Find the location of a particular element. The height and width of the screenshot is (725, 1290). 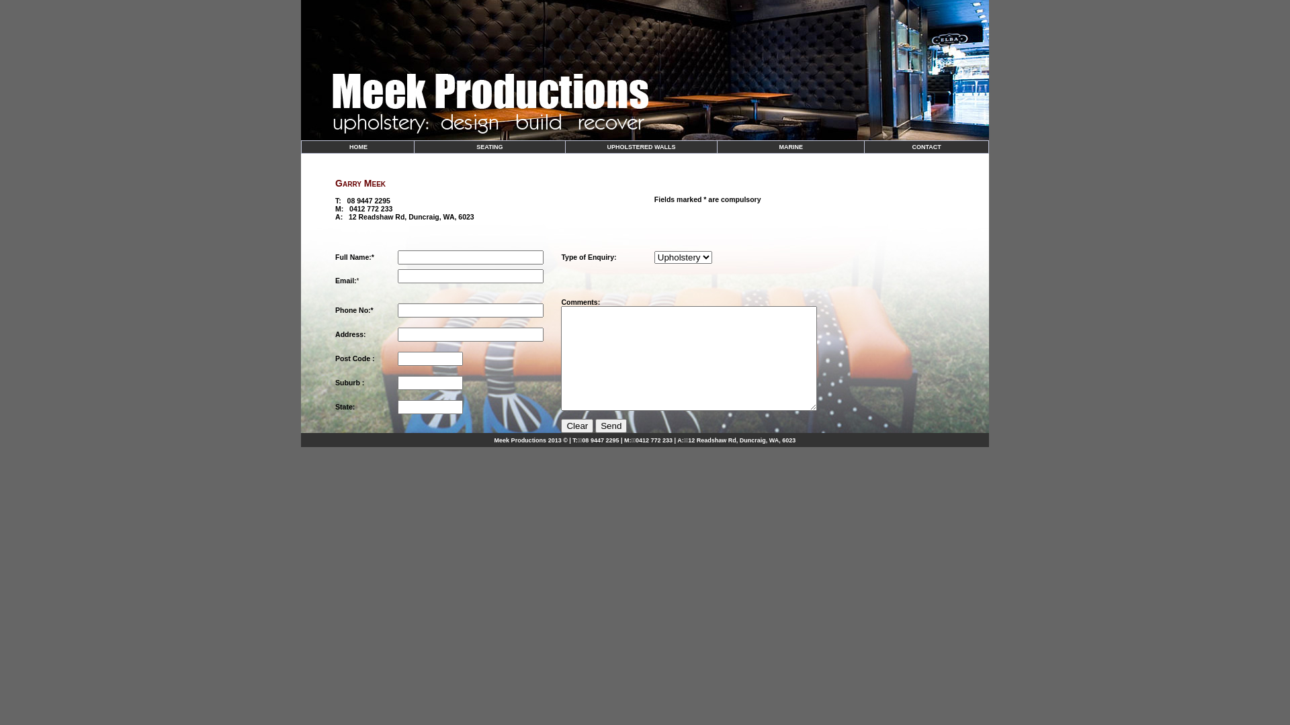

'MARINE' is located at coordinates (778, 147).